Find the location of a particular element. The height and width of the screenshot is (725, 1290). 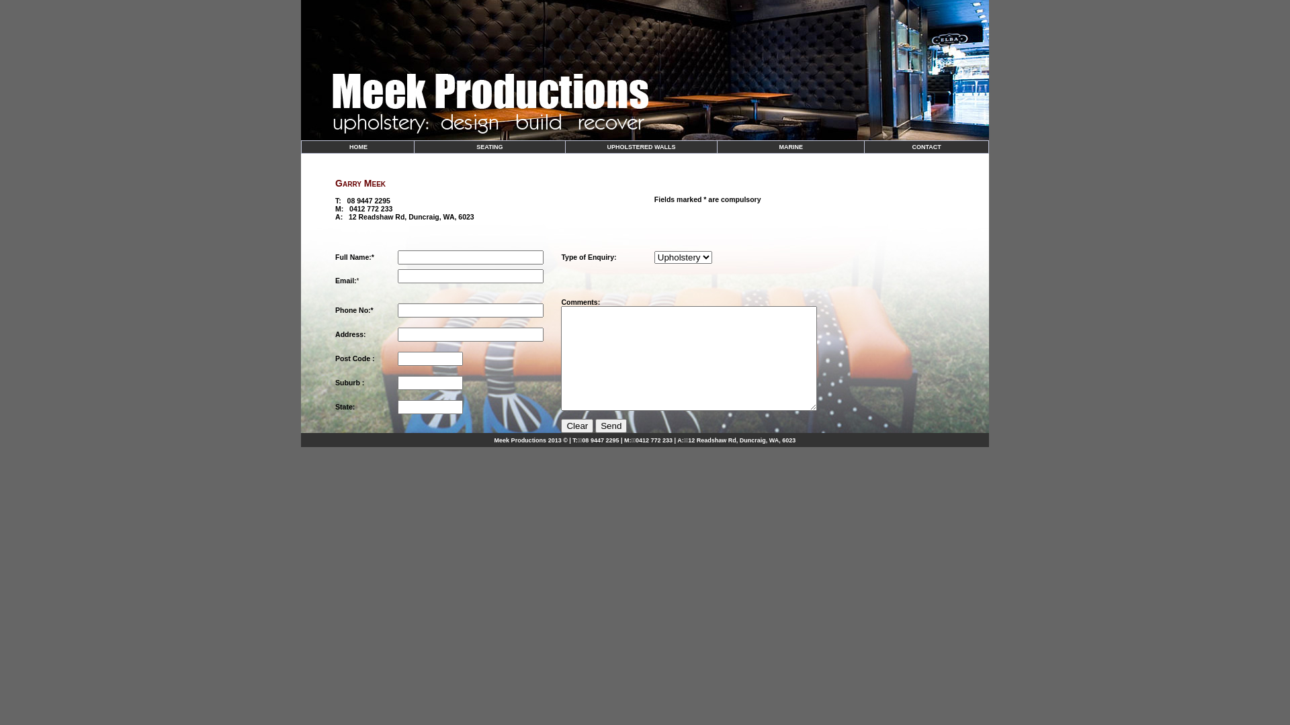

'MARINE' is located at coordinates (778, 147).